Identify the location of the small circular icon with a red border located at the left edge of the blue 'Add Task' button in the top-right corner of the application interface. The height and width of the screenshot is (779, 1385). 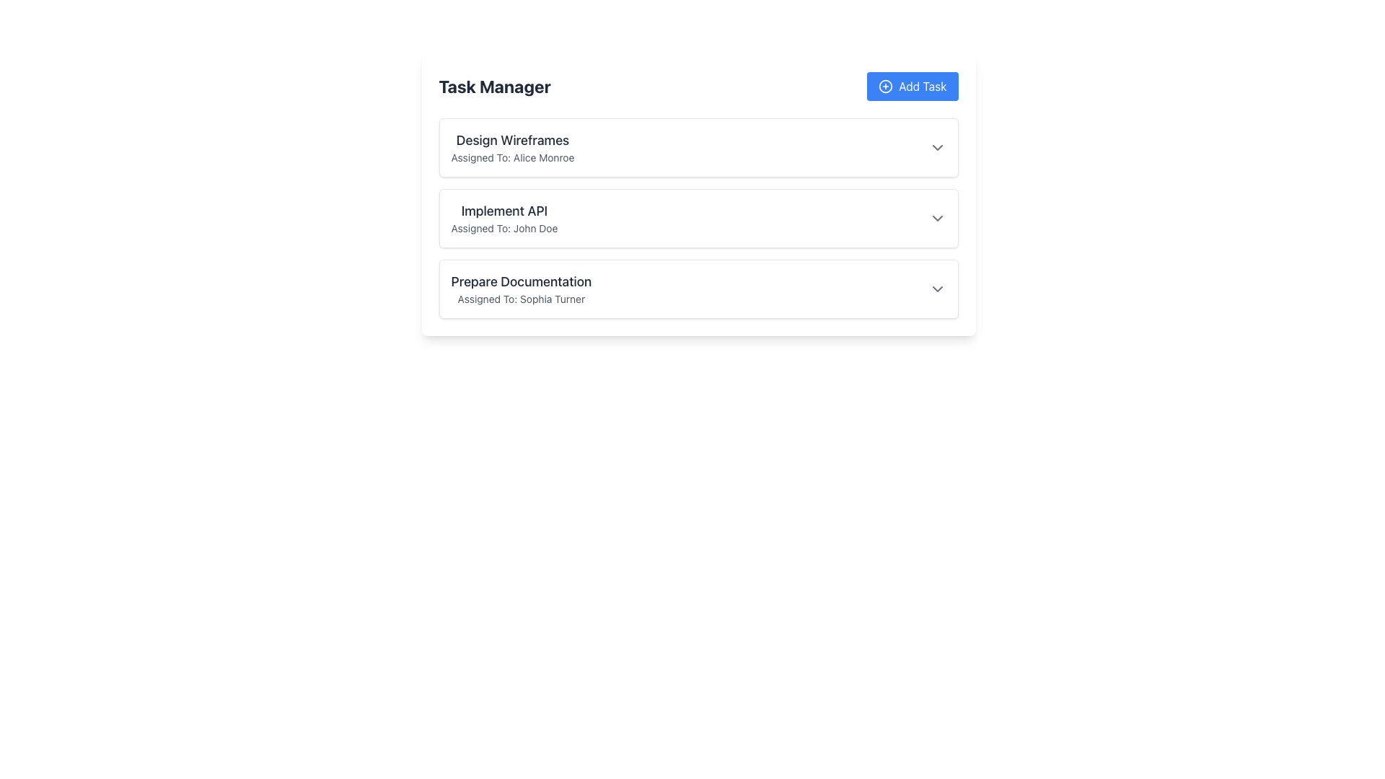
(885, 86).